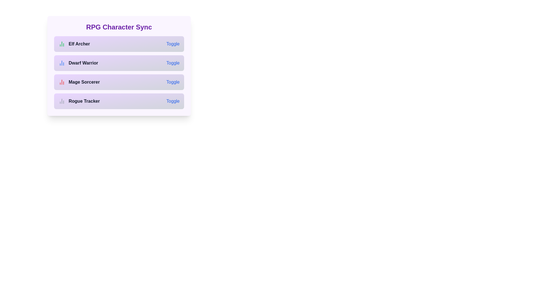 Image resolution: width=538 pixels, height=303 pixels. What do you see at coordinates (79, 82) in the screenshot?
I see `the 'Mage Sorcerer' label with accompanying icon, which is the third item in the list under 'RPG Character Sync', positioned between 'Dwarf Warrior' and 'Rogue Tracker'` at bounding box center [79, 82].